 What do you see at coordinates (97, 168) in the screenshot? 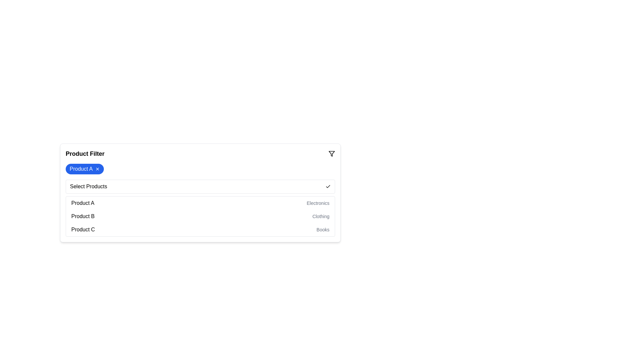
I see `the dismissal button located on the far-right side of the blue label displaying 'Product A'` at bounding box center [97, 168].